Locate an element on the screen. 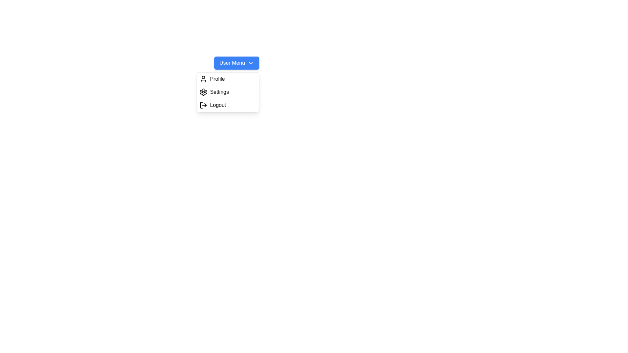 The image size is (628, 353). the 'Settings' button in the dropdown menu under 'User Menu' to change its background color is located at coordinates (228, 92).